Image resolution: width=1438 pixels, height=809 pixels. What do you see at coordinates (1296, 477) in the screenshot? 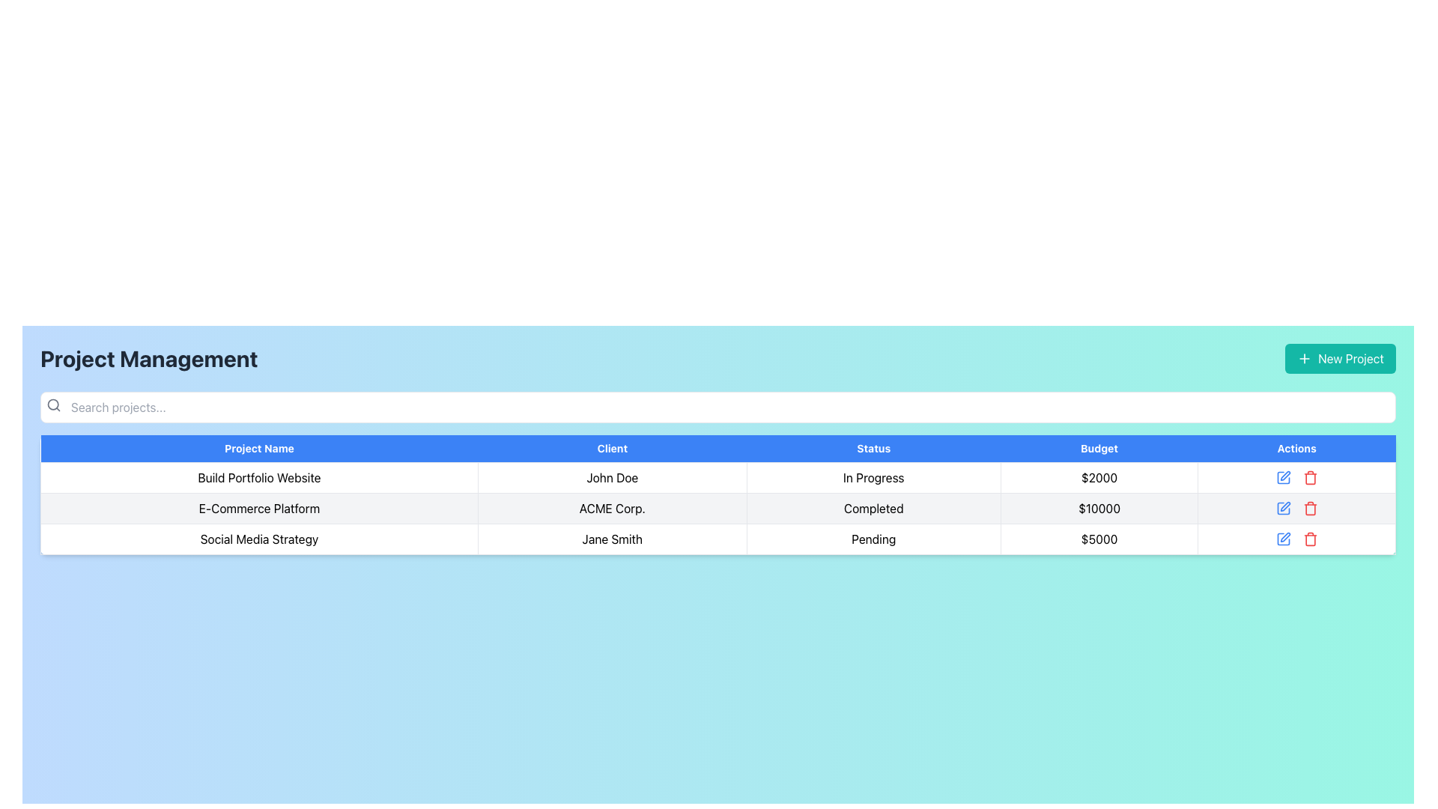
I see `the interactive icons in the last cell of the row for the 'Build Portfolio Website' project under the Actions header` at bounding box center [1296, 477].